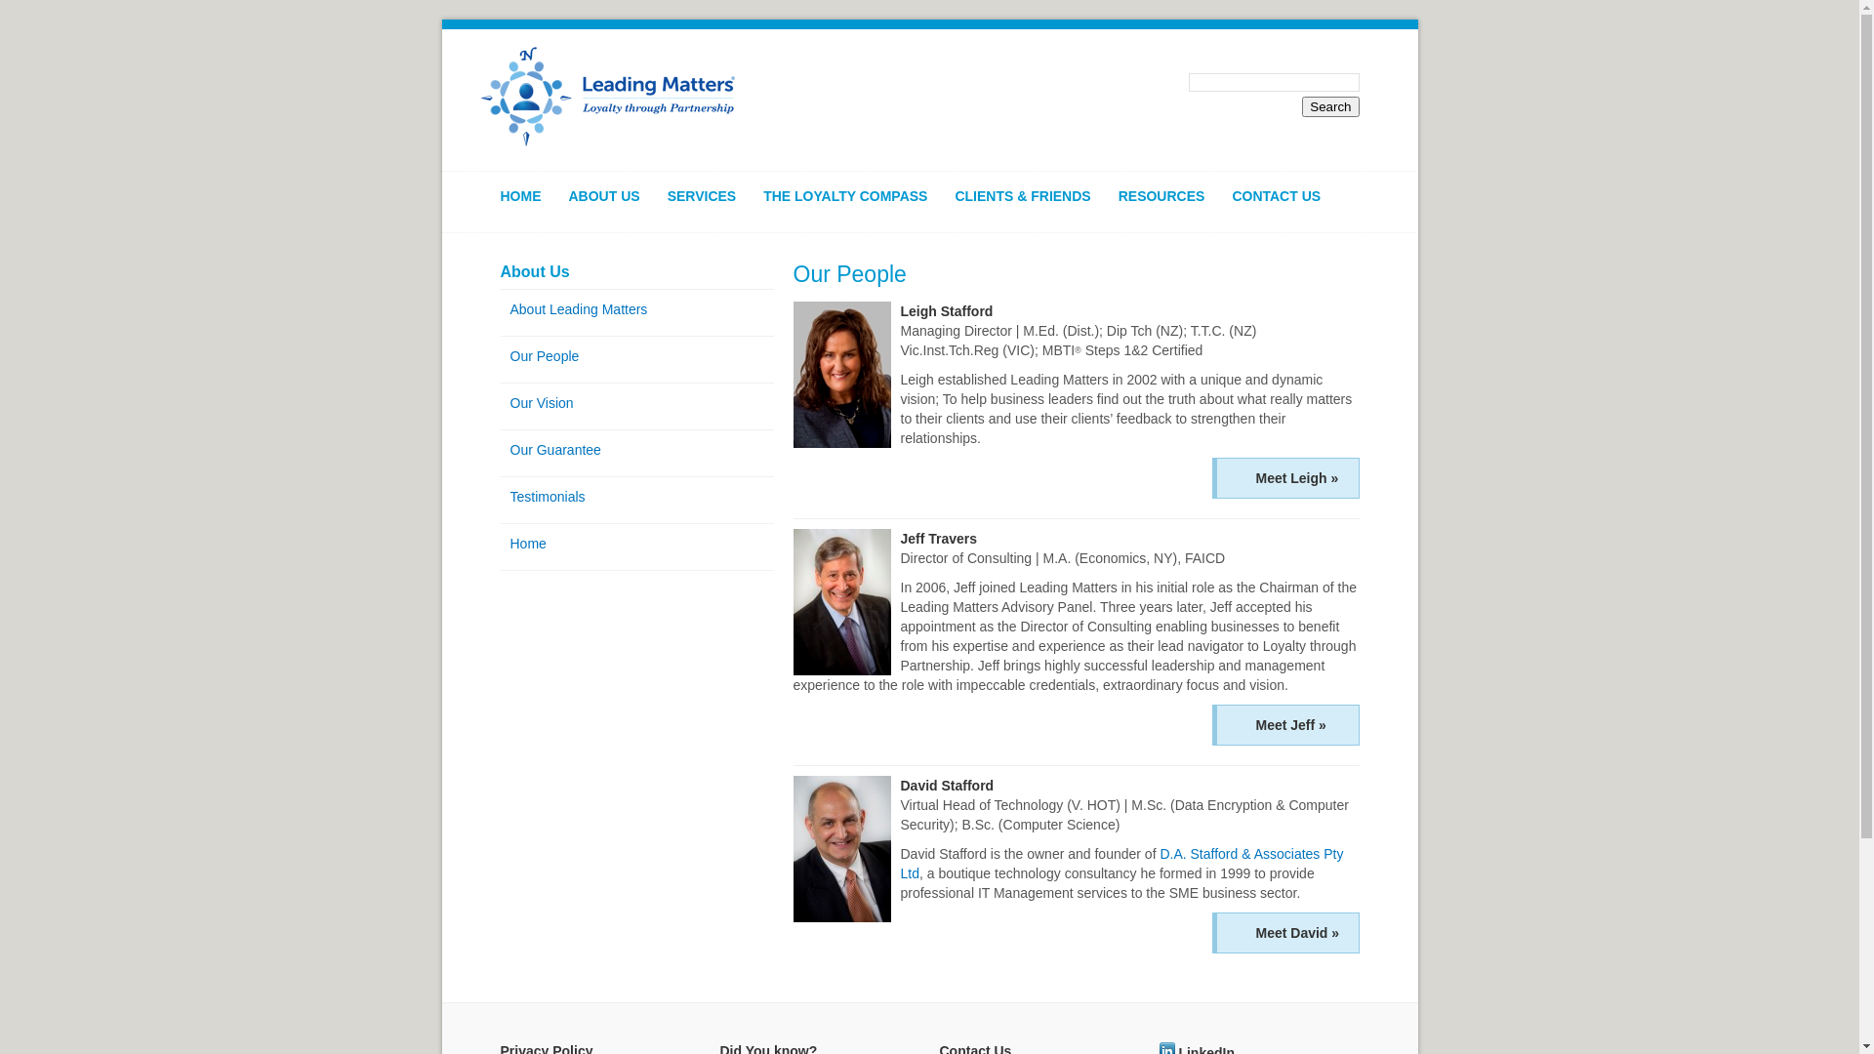  I want to click on 'ABOUT US', so click(612, 206).